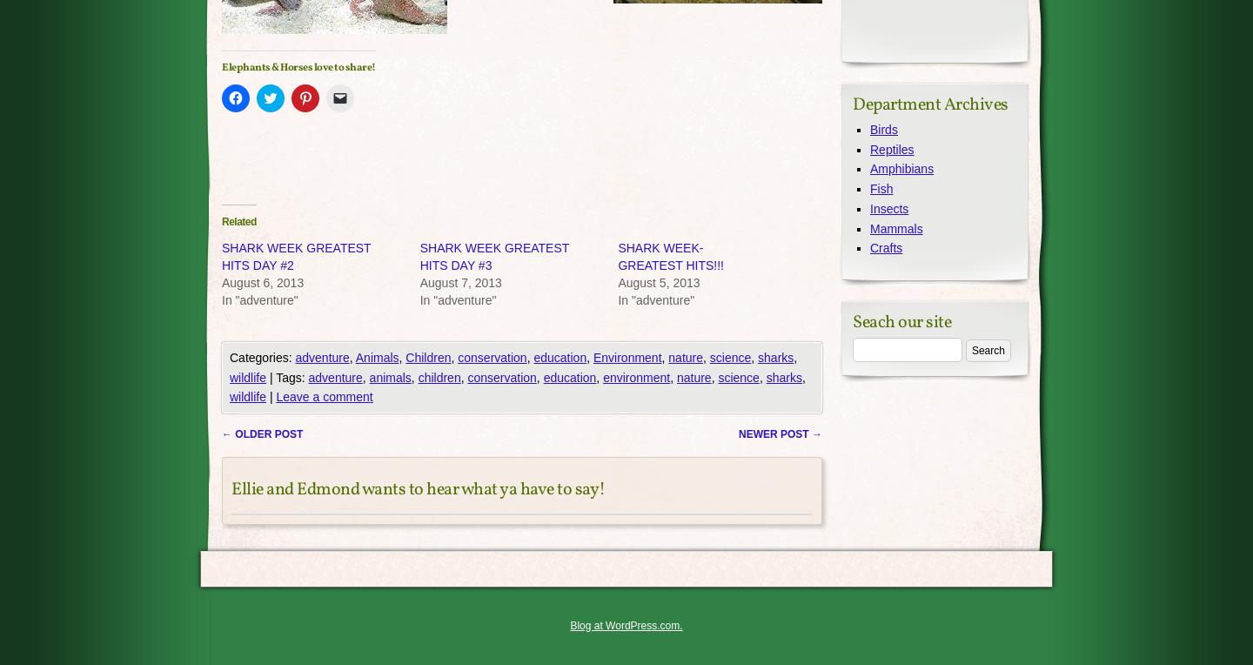  I want to click on 'Mammals', so click(896, 227).